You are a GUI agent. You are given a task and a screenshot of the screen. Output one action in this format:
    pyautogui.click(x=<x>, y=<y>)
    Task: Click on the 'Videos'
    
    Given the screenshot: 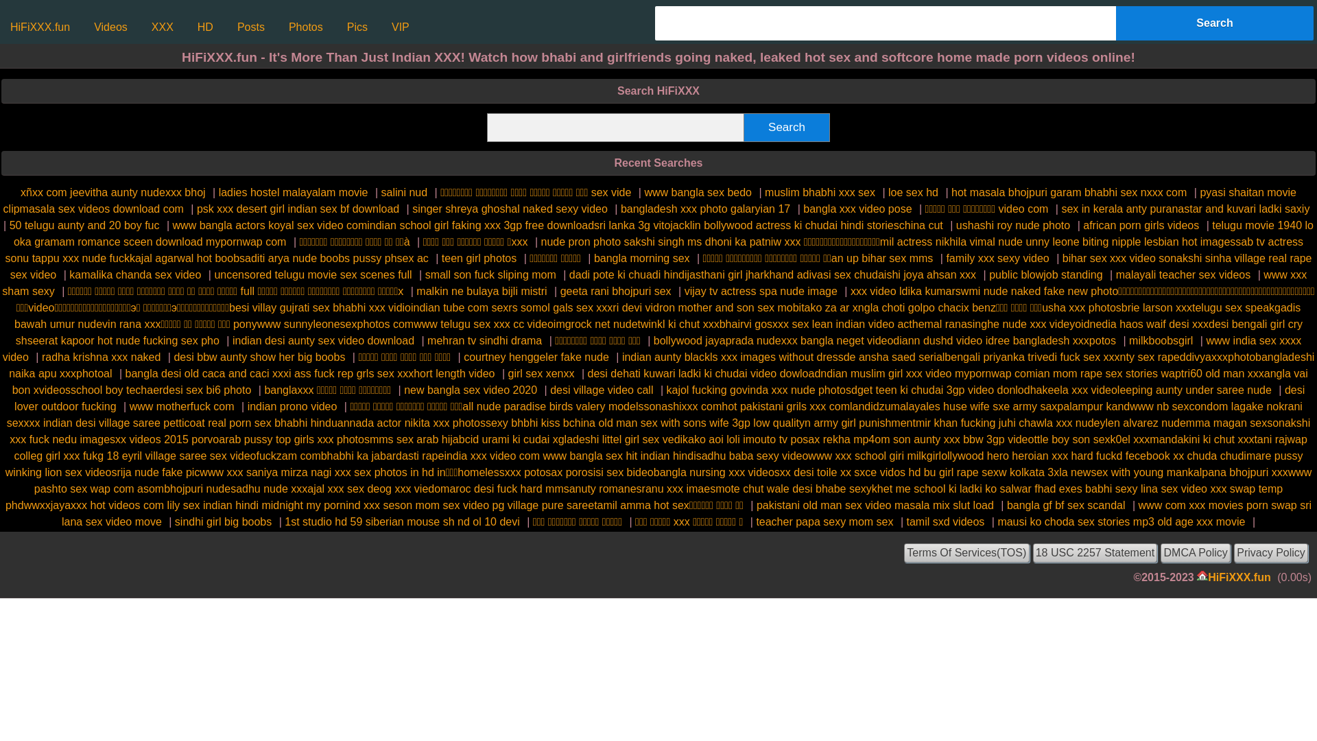 What is the action you would take?
    pyautogui.click(x=110, y=27)
    